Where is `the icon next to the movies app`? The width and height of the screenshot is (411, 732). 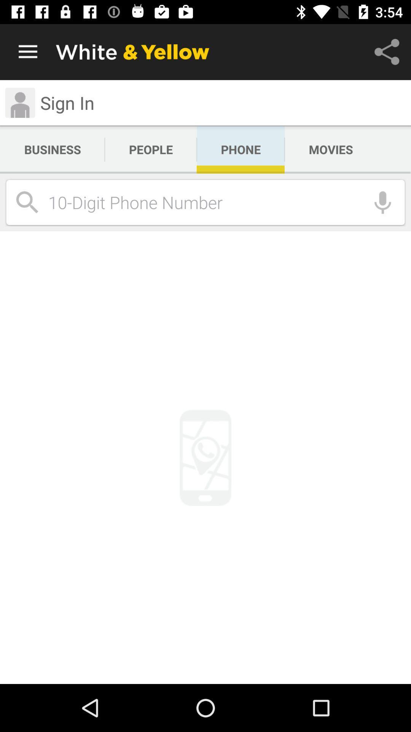 the icon next to the movies app is located at coordinates (241, 149).